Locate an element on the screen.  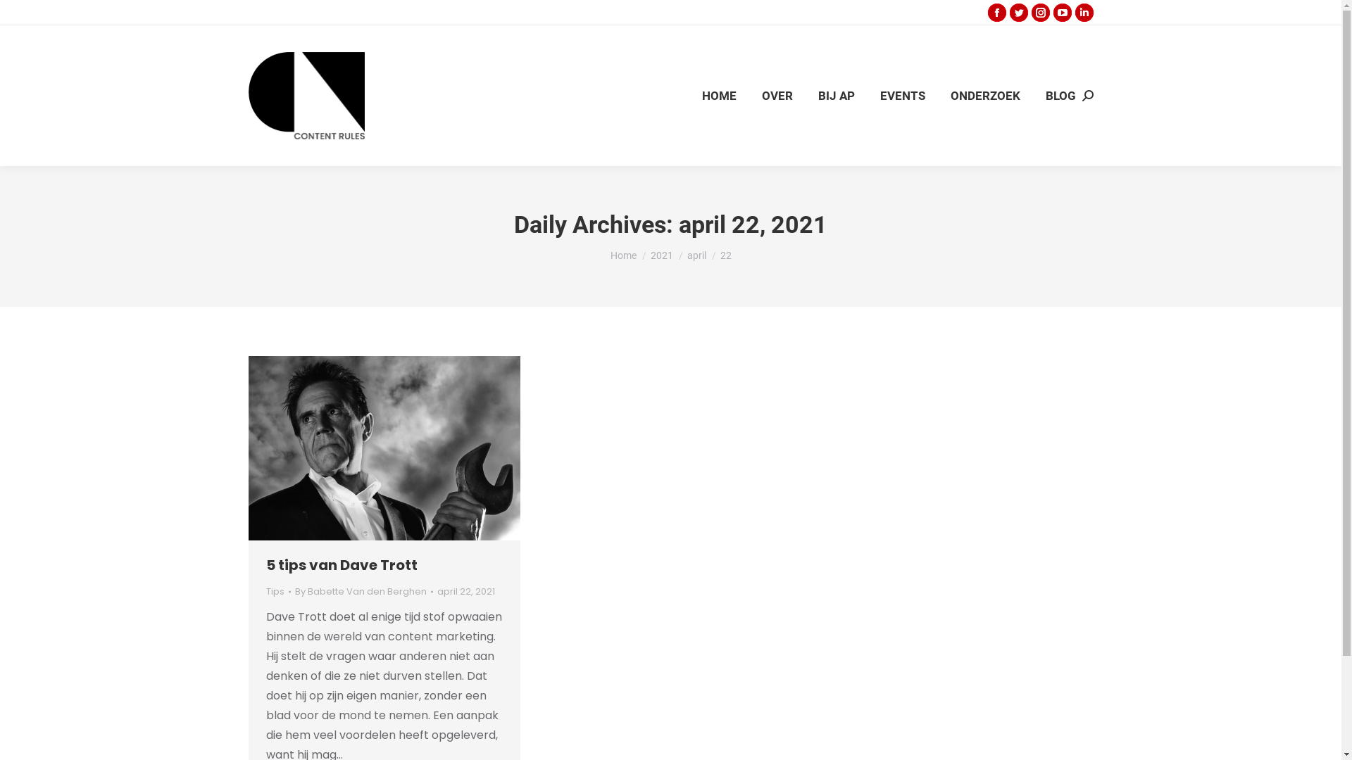
'april' is located at coordinates (696, 255).